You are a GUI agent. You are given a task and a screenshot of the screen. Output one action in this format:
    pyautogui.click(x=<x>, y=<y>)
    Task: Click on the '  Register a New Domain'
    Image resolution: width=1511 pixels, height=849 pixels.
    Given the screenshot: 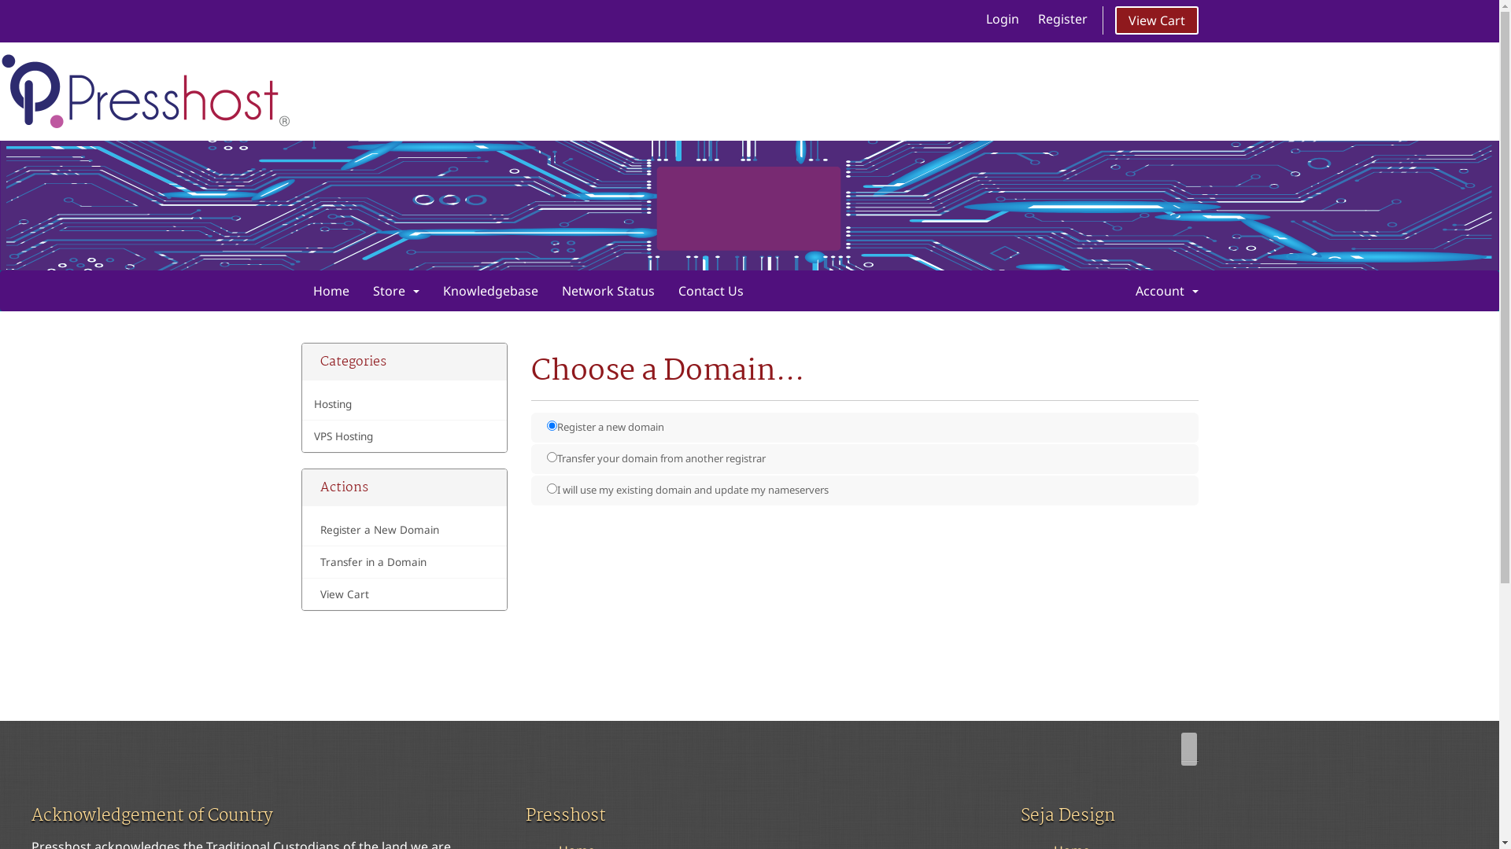 What is the action you would take?
    pyautogui.click(x=405, y=530)
    